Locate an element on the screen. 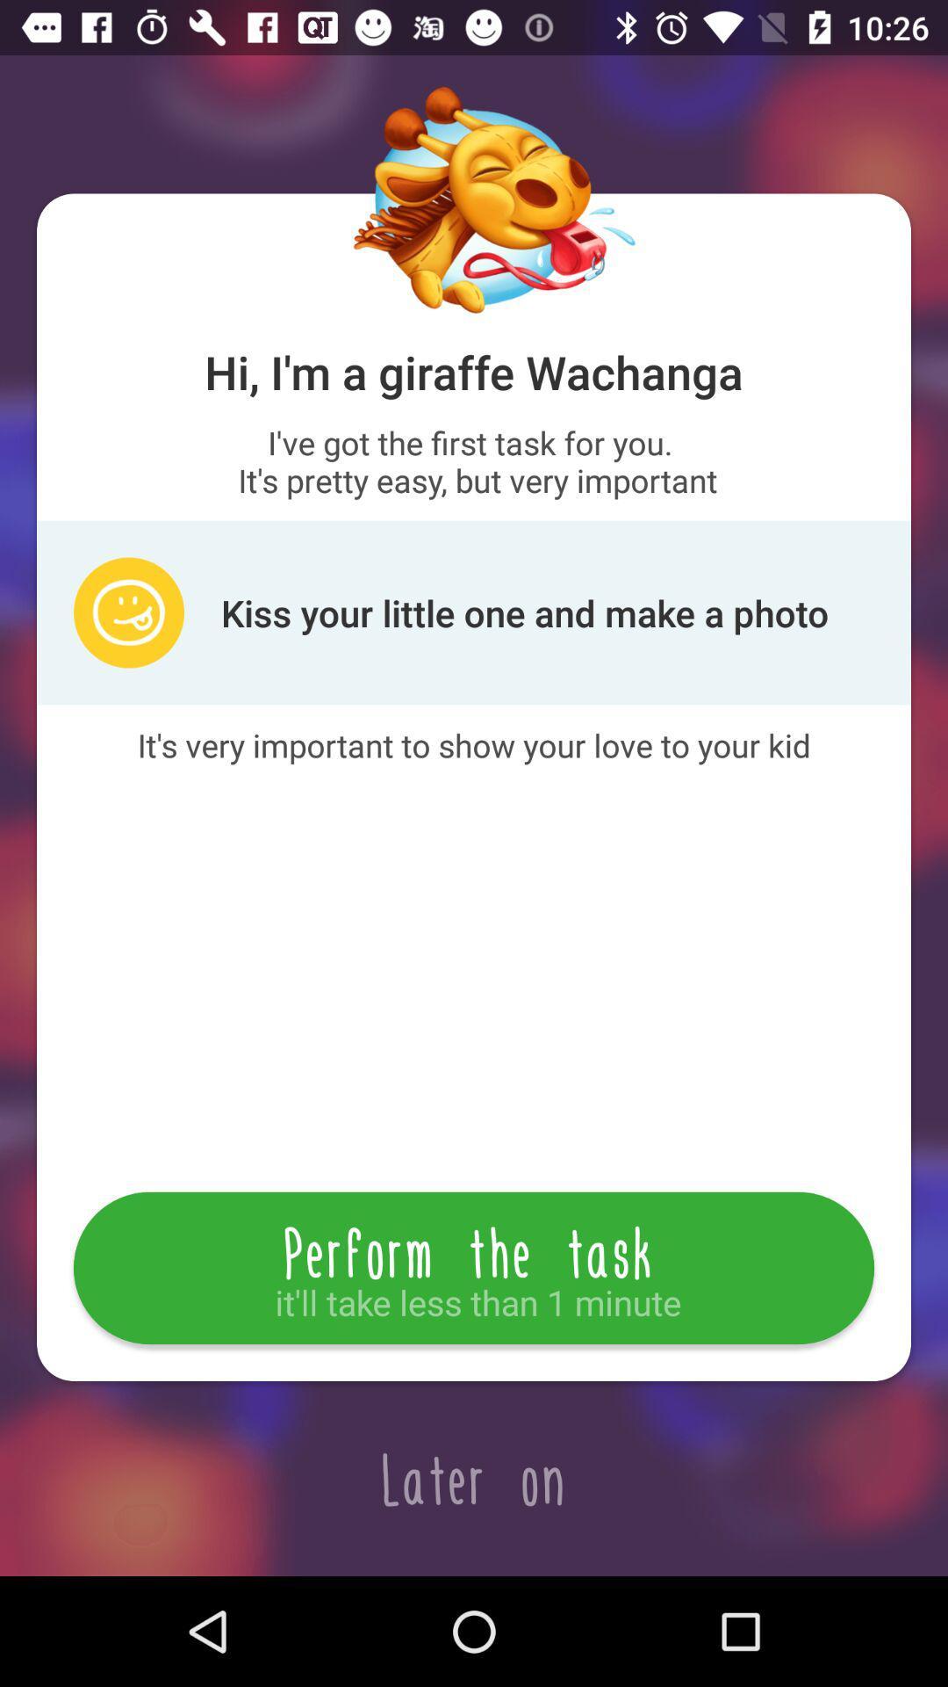 The height and width of the screenshot is (1687, 948). the icon below perform the task icon is located at coordinates (474, 1478).